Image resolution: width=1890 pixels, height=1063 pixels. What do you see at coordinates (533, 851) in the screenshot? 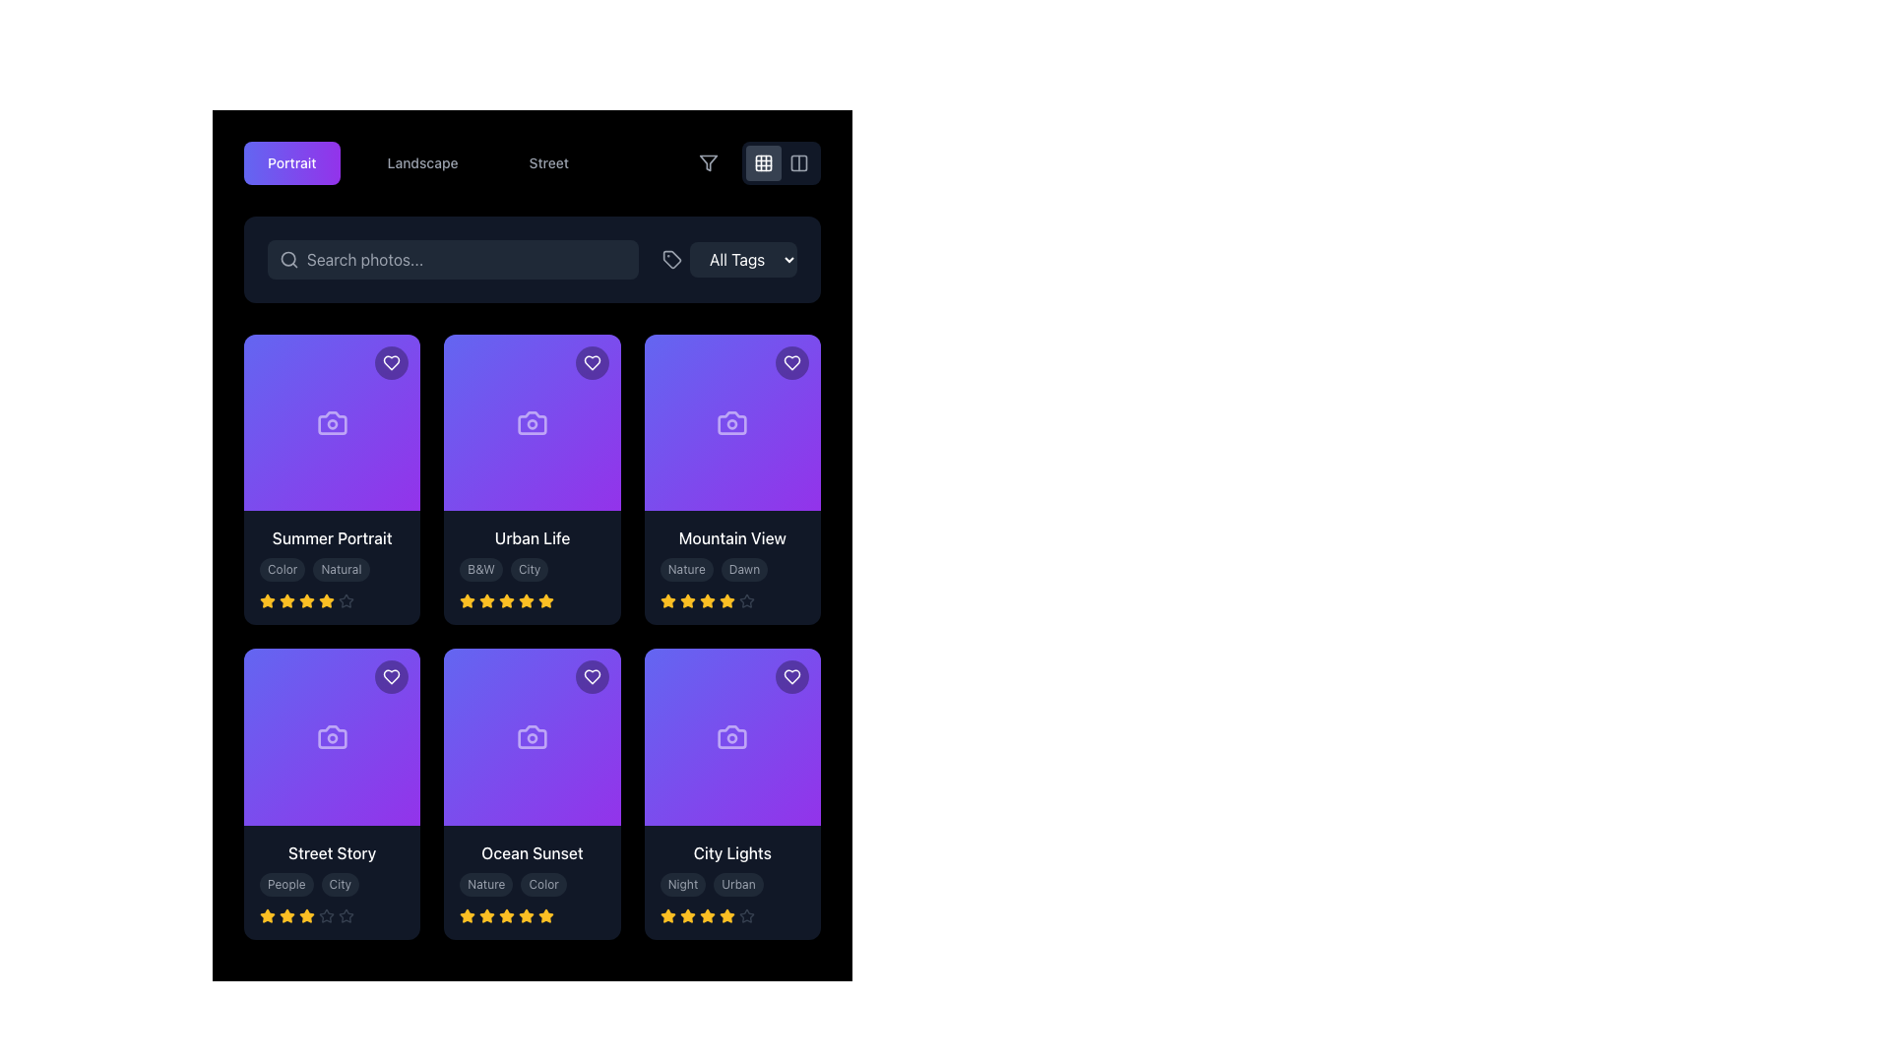
I see `text of the label located in the lower portion of the middle column, which serves as a descriptive title for the associated content, positioned below the main image area and above additional descriptive tags` at bounding box center [533, 851].